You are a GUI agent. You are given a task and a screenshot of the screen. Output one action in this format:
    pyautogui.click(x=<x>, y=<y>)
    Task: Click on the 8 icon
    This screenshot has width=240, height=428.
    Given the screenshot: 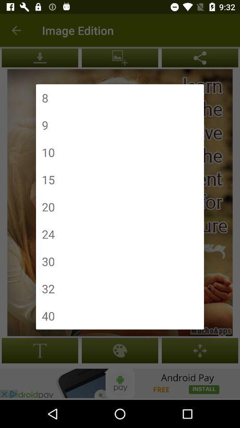 What is the action you would take?
    pyautogui.click(x=44, y=98)
    